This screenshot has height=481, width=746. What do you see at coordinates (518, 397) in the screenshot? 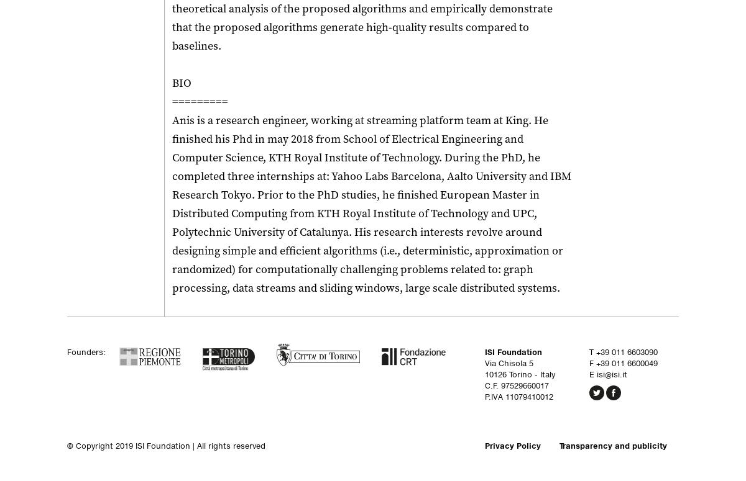
I see `'P.IVA 11079410012'` at bounding box center [518, 397].